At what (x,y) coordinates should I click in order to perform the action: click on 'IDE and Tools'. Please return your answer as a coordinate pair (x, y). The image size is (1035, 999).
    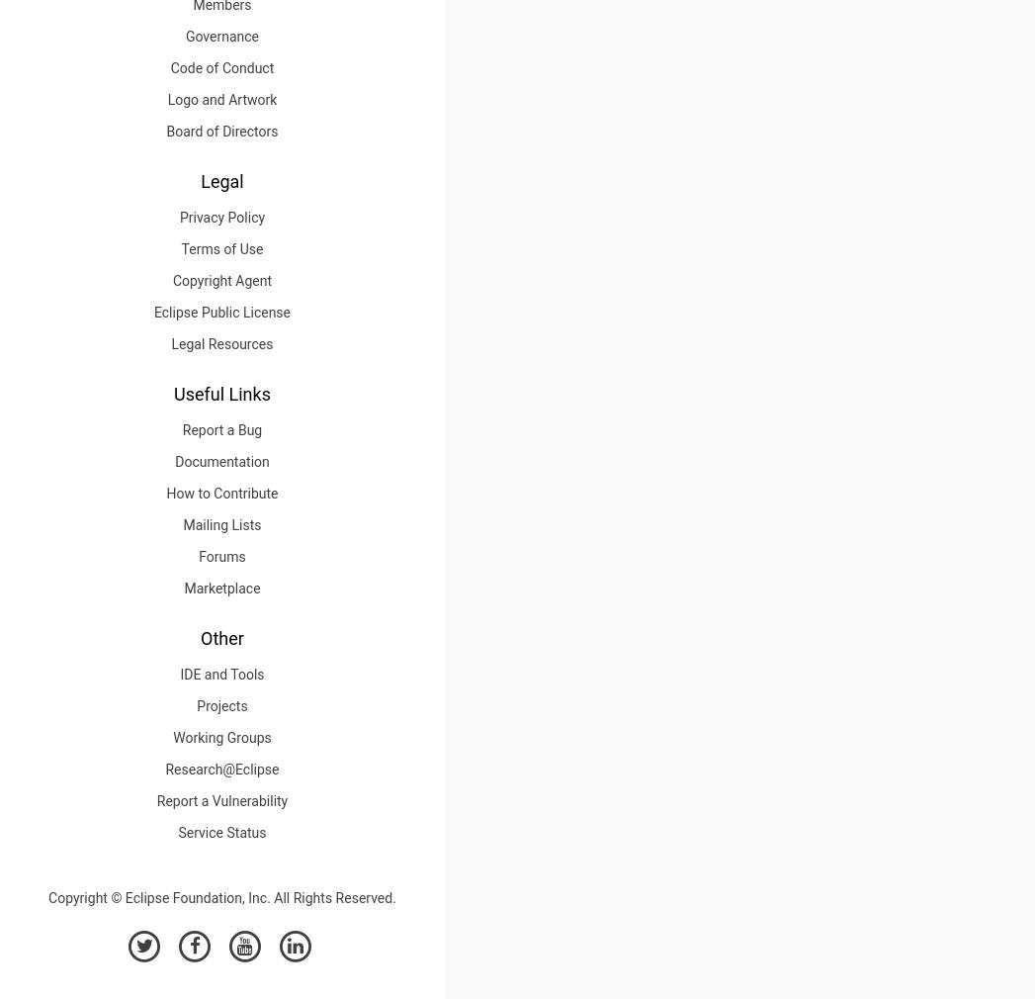
    Looking at the image, I should click on (220, 673).